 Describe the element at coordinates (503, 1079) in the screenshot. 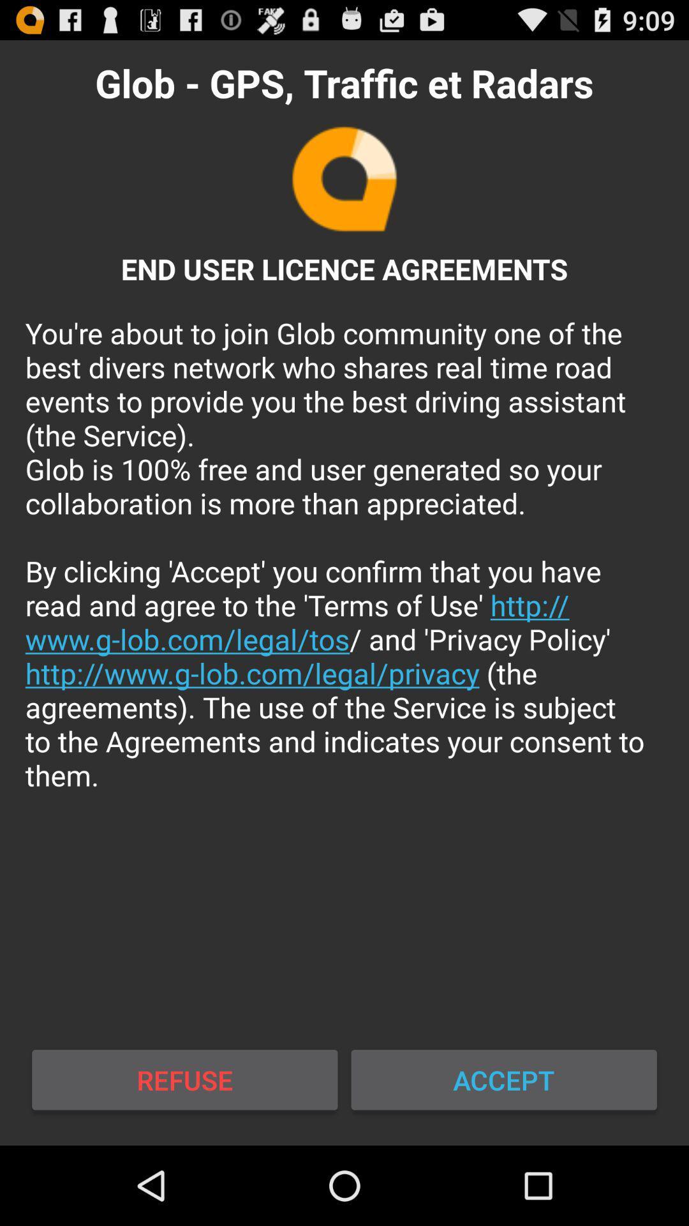

I see `accept at the bottom right corner` at that location.